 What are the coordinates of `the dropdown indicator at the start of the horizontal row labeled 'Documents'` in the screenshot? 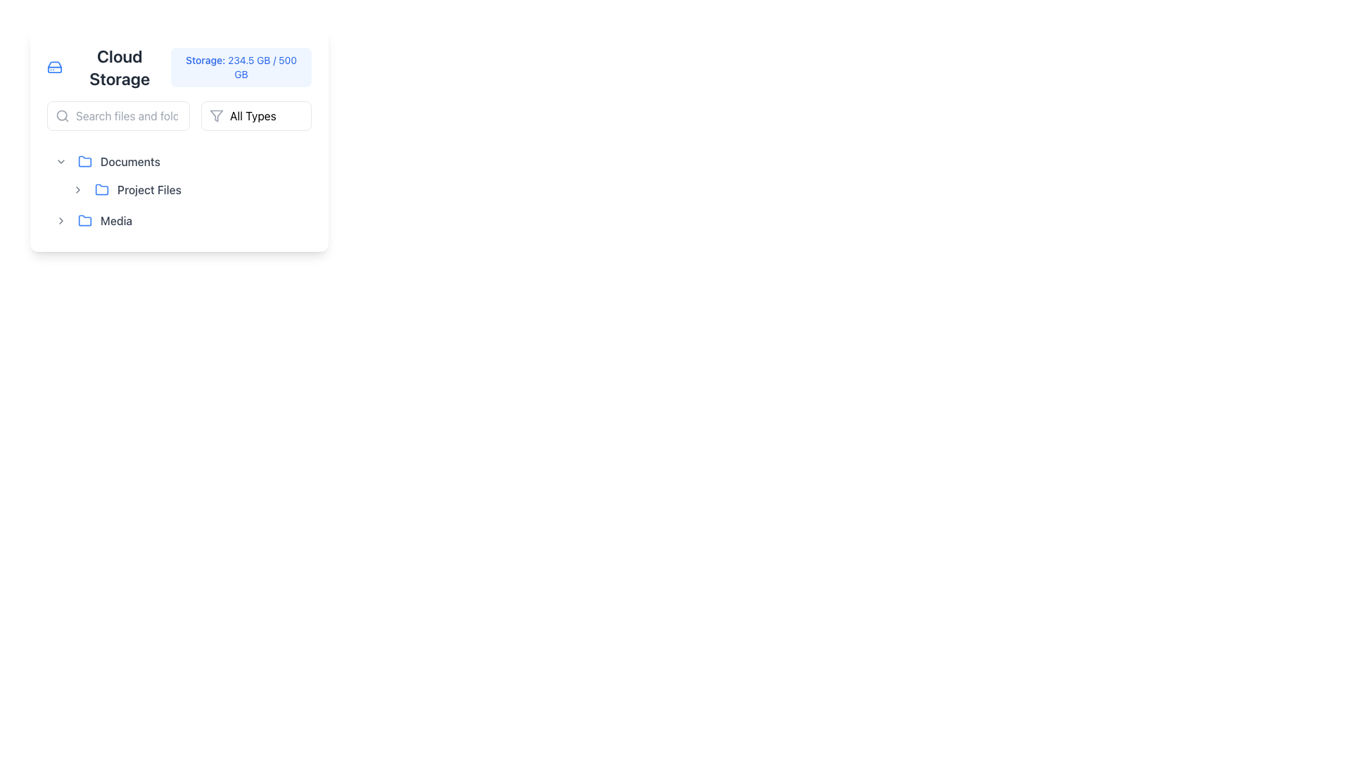 It's located at (60, 161).